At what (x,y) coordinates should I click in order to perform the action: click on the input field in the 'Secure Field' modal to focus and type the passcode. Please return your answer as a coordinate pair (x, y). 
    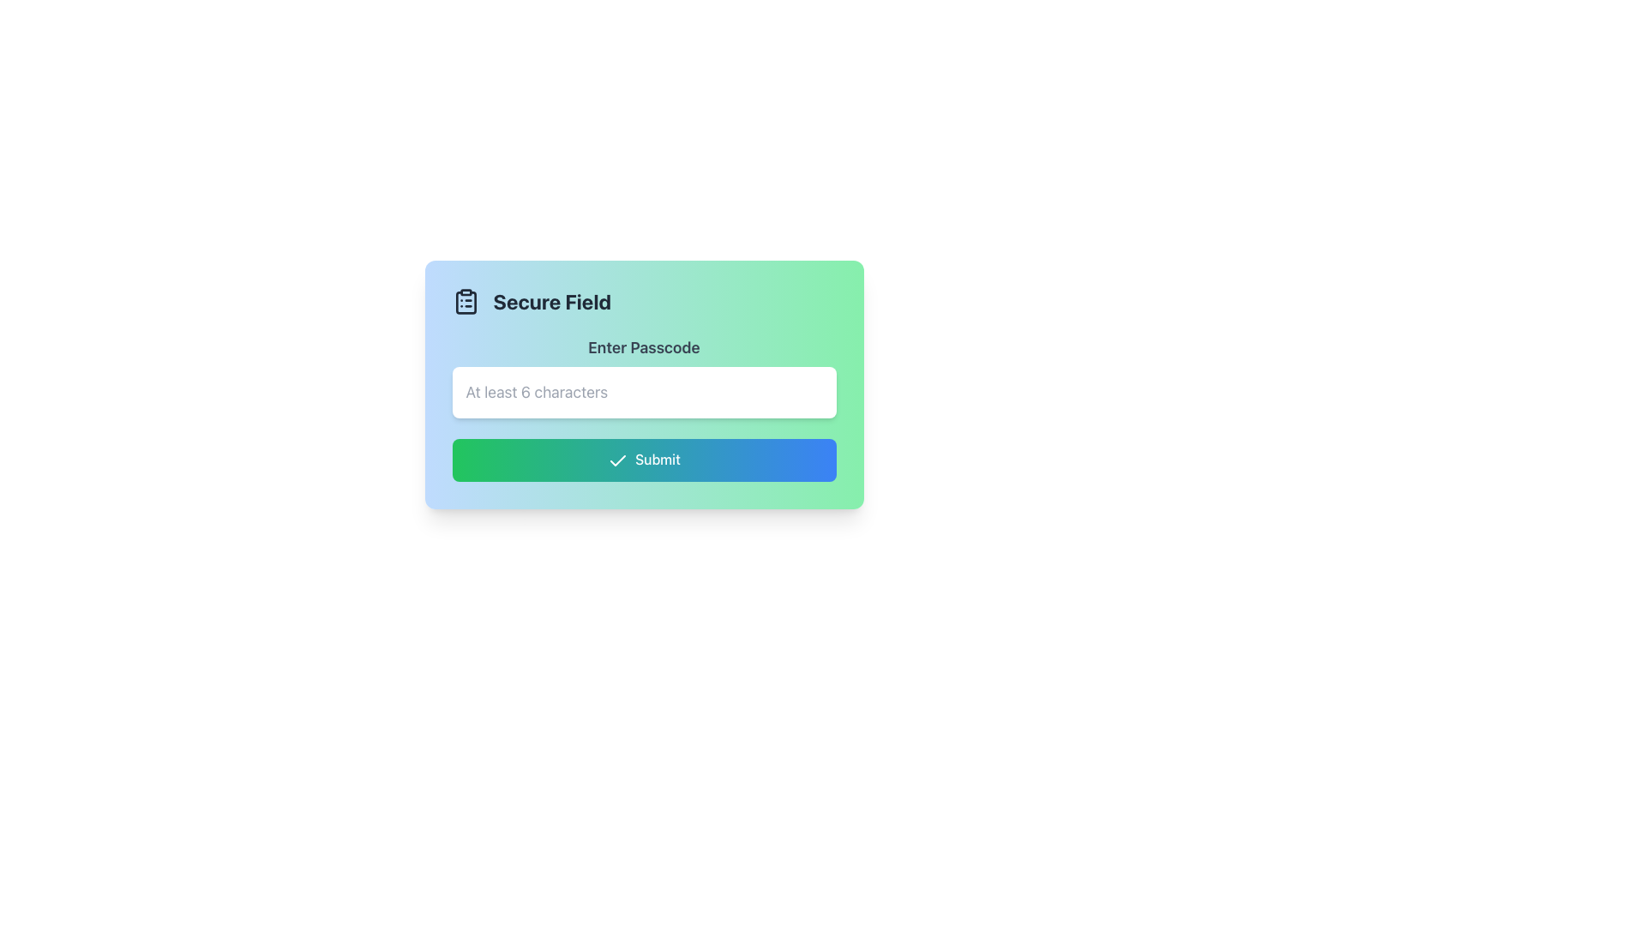
    Looking at the image, I should click on (643, 383).